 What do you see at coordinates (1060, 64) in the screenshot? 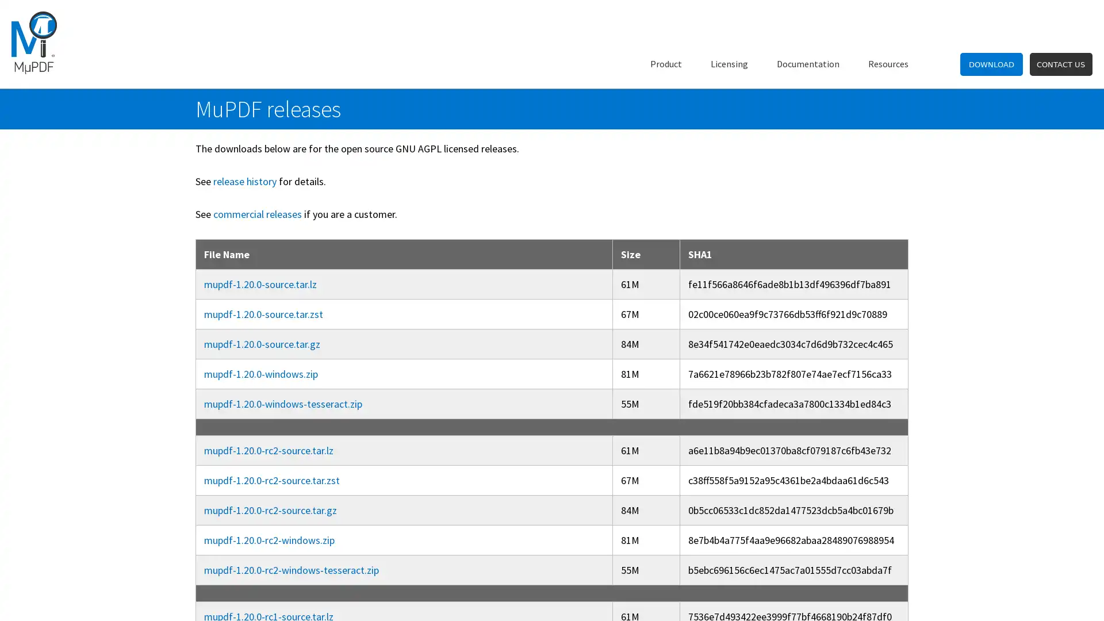
I see `CONTACT US` at bounding box center [1060, 64].